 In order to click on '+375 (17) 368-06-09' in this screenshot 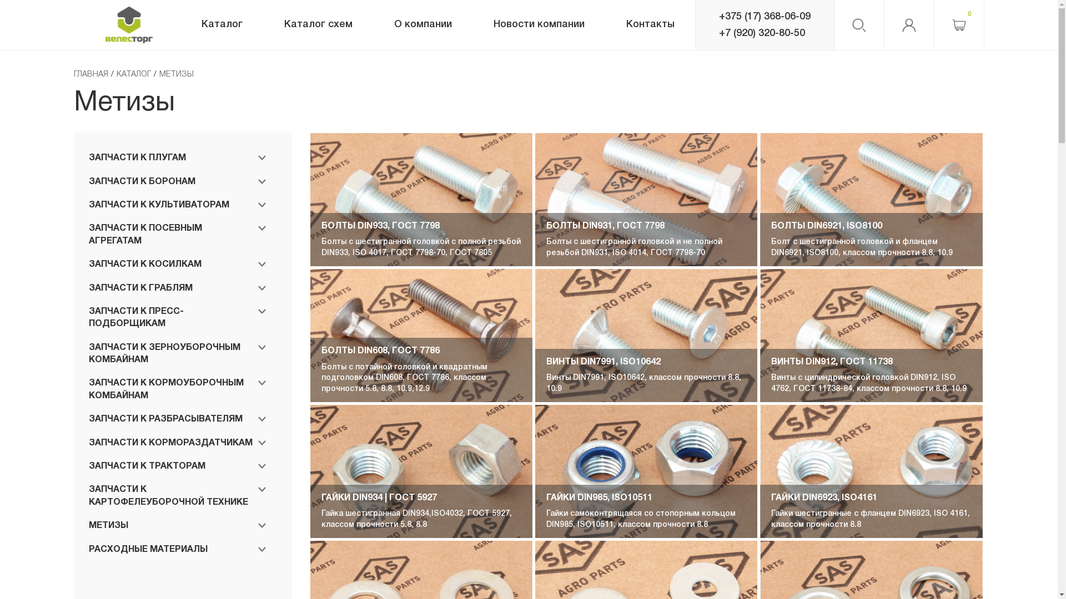, I will do `click(763, 17)`.